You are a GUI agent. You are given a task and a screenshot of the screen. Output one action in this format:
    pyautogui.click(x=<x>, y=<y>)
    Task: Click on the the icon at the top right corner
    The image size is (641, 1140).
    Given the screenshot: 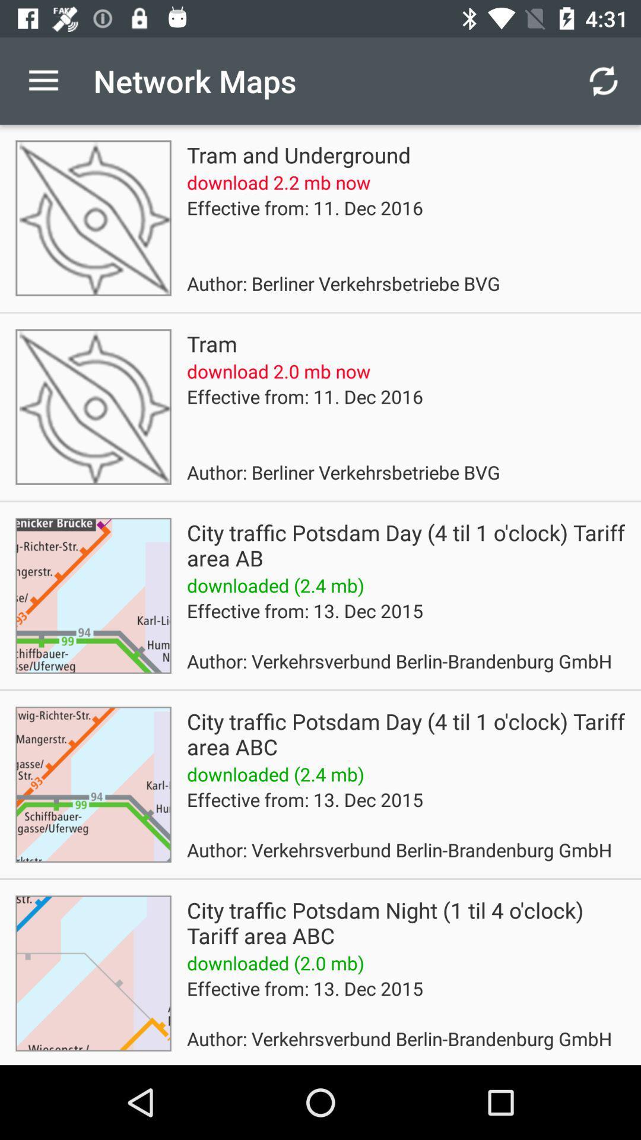 What is the action you would take?
    pyautogui.click(x=604, y=80)
    